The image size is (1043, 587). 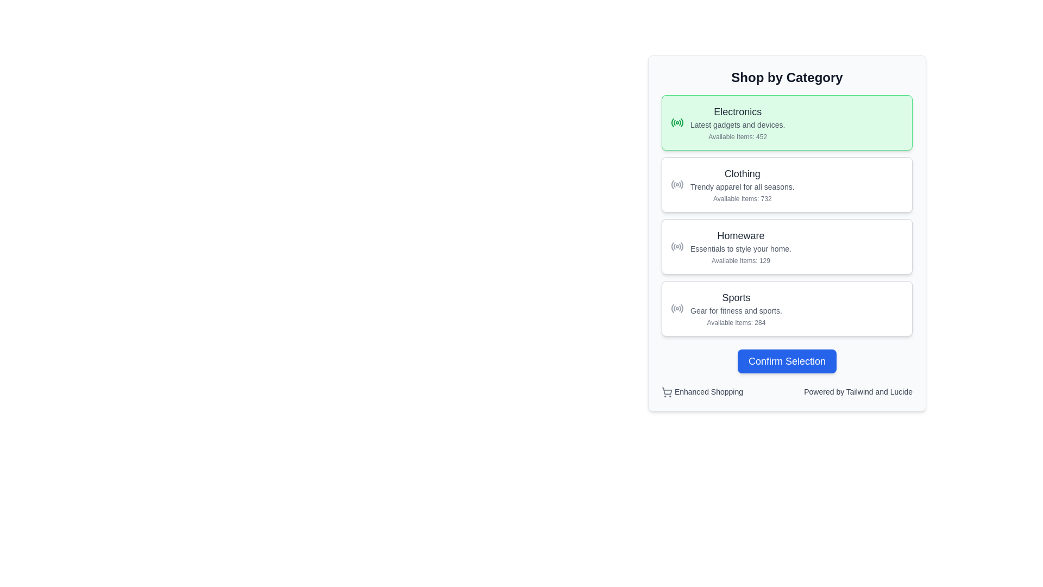 I want to click on the grayish circular radio-like icon representing the speaker or radio wave, located on the line item labeled 'Sports' in the 'Shop by Category' section, so click(x=677, y=308).